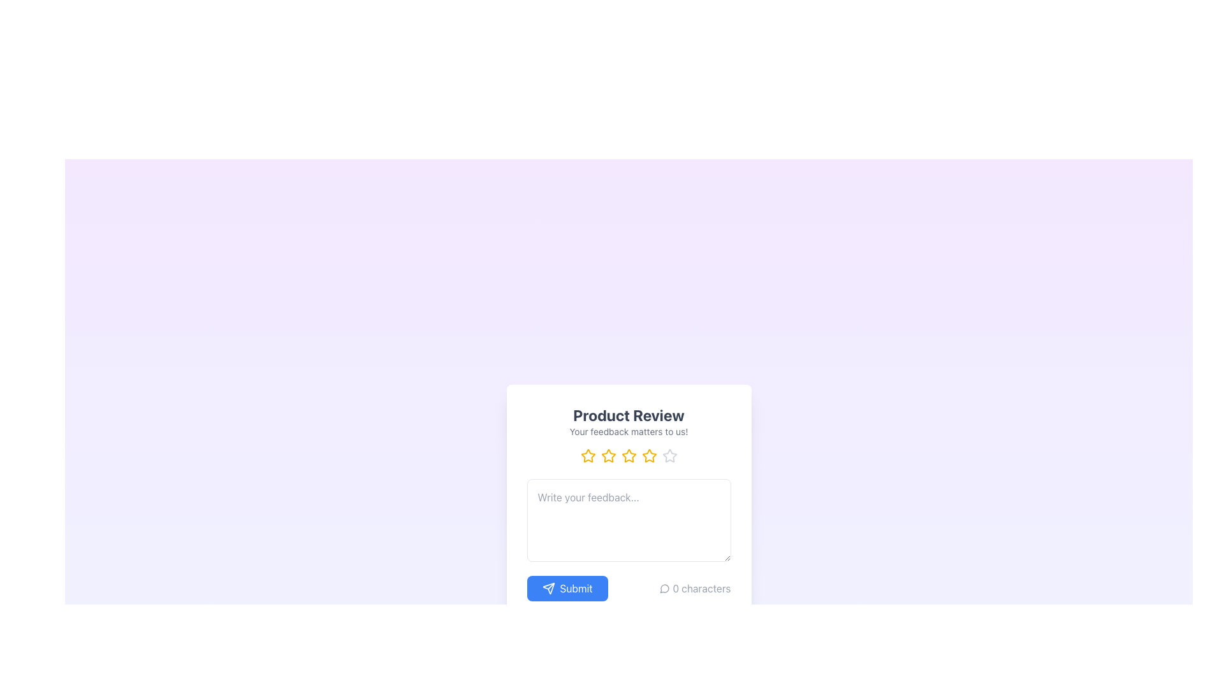 Image resolution: width=1224 pixels, height=688 pixels. Describe the element at coordinates (649, 455) in the screenshot. I see `the fourth star-shaped rating icon with a hollow center and yellow outline in the feedback form` at that location.